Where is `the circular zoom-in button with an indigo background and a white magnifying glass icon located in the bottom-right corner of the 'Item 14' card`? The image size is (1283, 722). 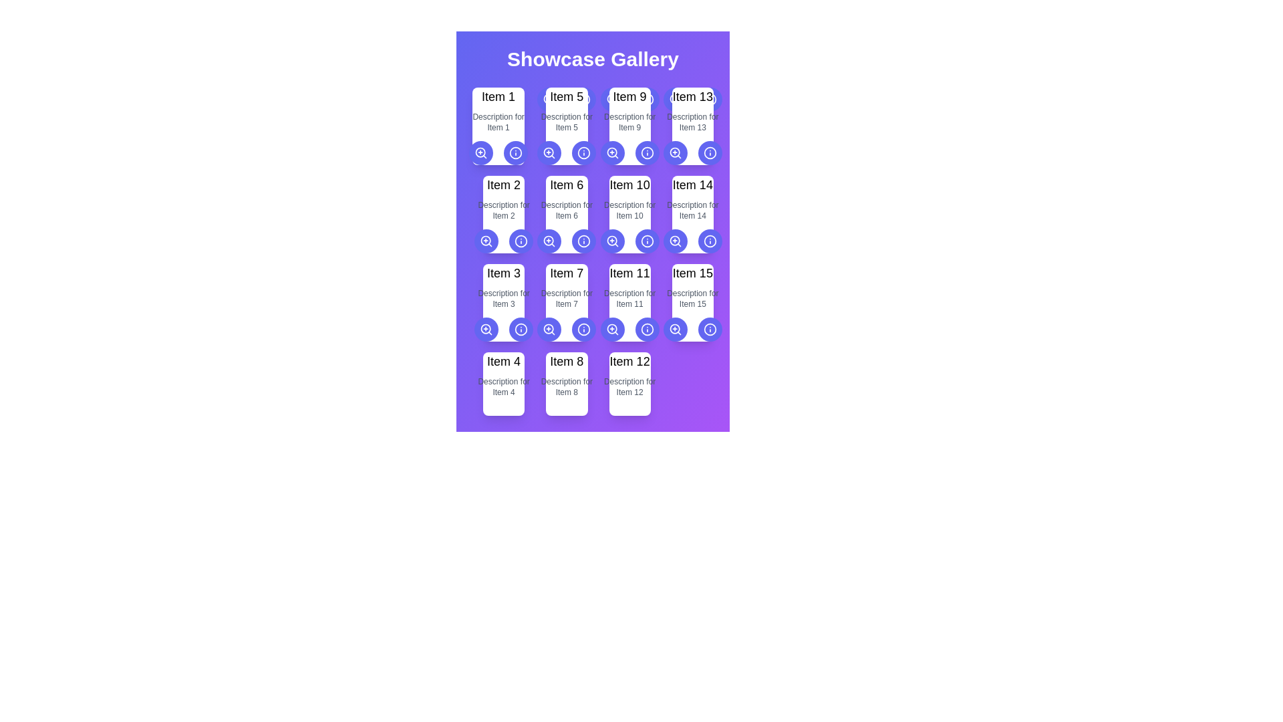
the circular zoom-in button with an indigo background and a white magnifying glass icon located in the bottom-right corner of the 'Item 14' card is located at coordinates (675, 241).